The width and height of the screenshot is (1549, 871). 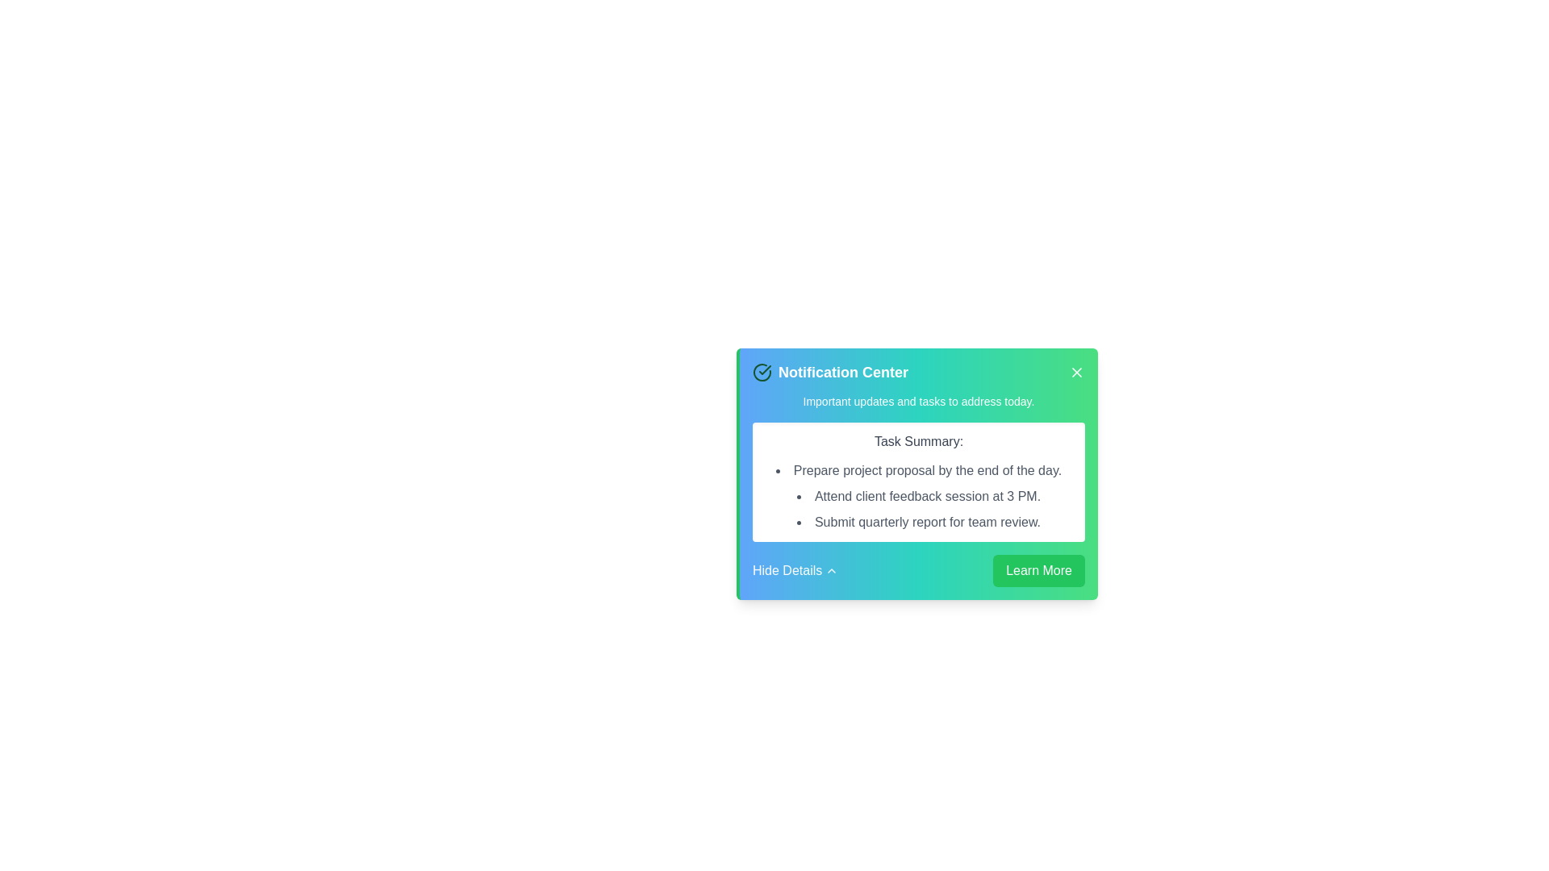 What do you see at coordinates (795, 570) in the screenshot?
I see `the 'Hide Details' button located at the bottom-left side of the notification card to hide additional details` at bounding box center [795, 570].